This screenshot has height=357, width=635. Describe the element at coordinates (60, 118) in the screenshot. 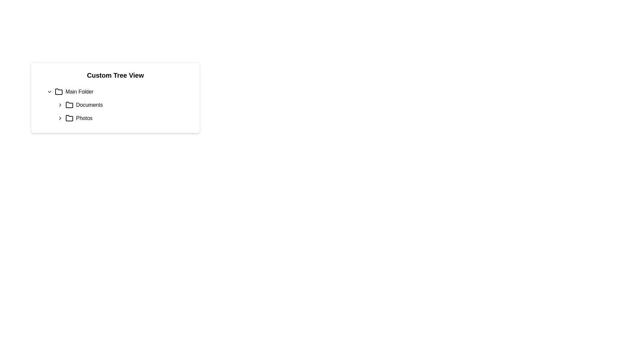

I see `the small rightward-pointing Chevron icon indicator located to the left of the 'Photos' folder icon for visual feedback` at that location.